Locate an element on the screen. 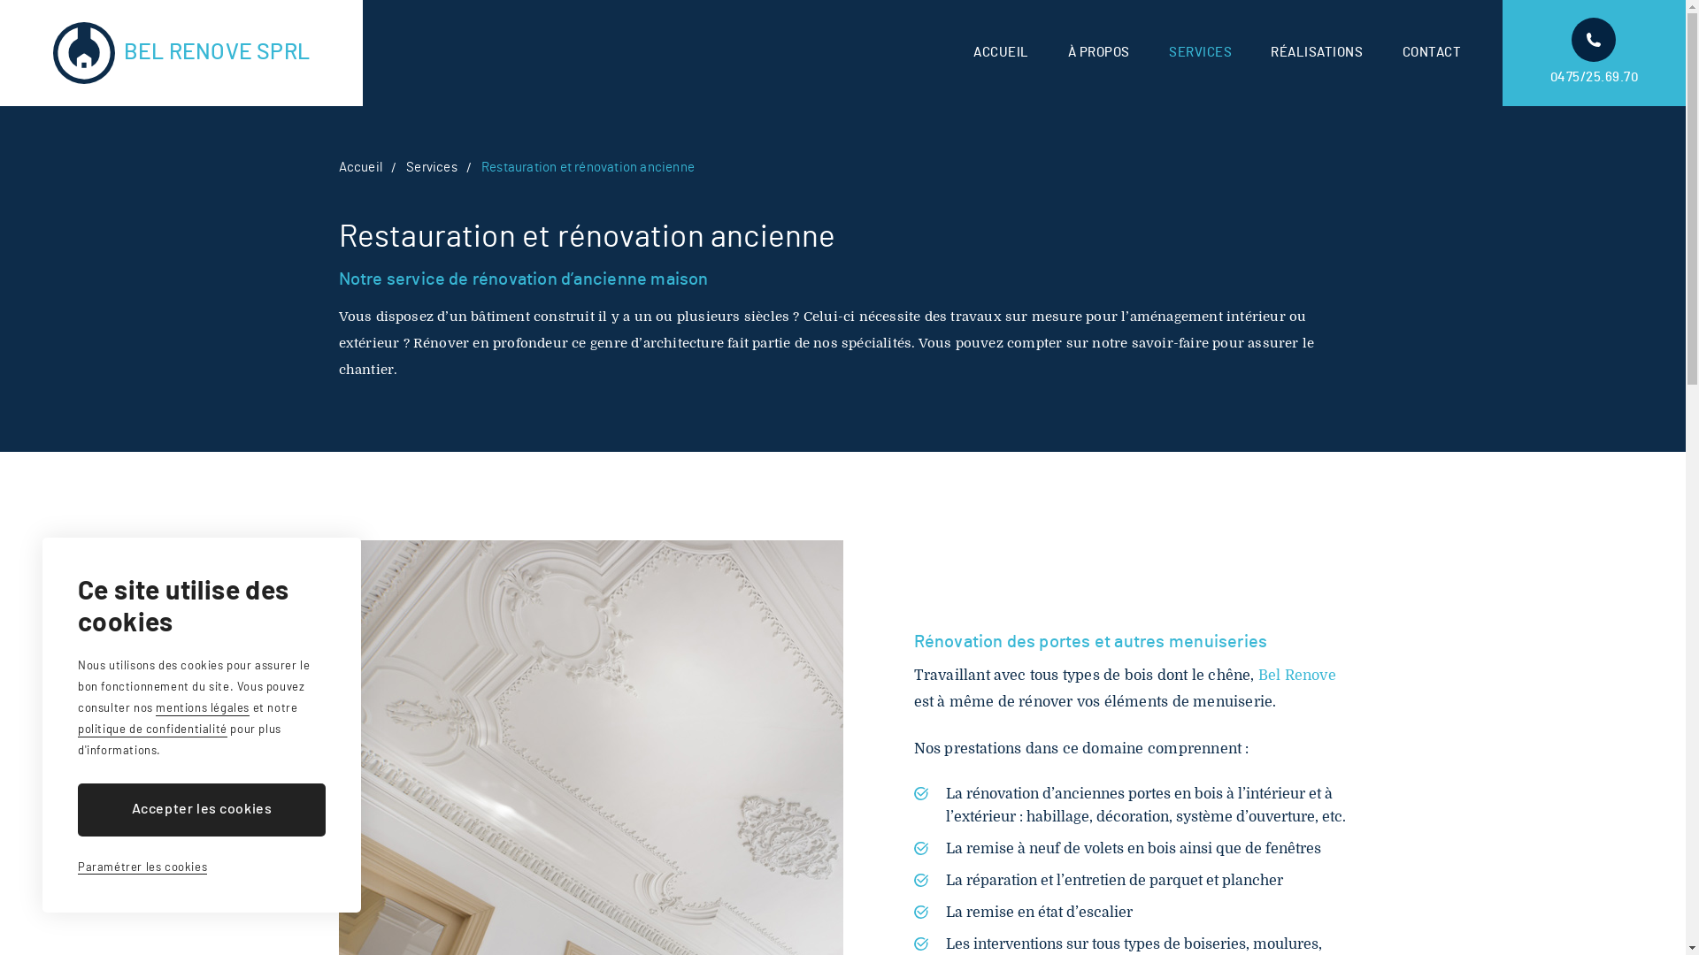  'Accueil' is located at coordinates (358, 167).